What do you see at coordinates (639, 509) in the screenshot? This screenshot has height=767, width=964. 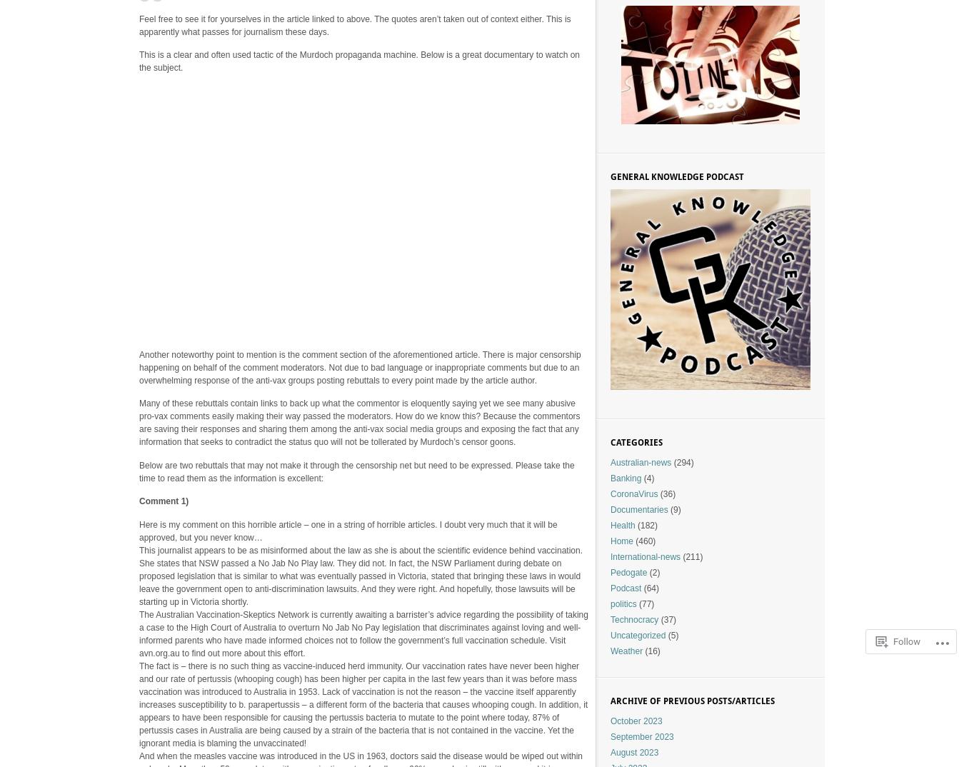 I see `'Documentaries'` at bounding box center [639, 509].